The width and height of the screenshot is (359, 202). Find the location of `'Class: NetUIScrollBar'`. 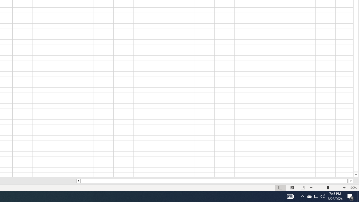

'Class: NetUIScrollBar' is located at coordinates (215, 181).